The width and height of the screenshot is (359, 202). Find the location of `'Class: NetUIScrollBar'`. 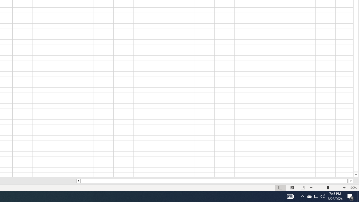

'Class: NetUIScrollBar' is located at coordinates (215, 181).